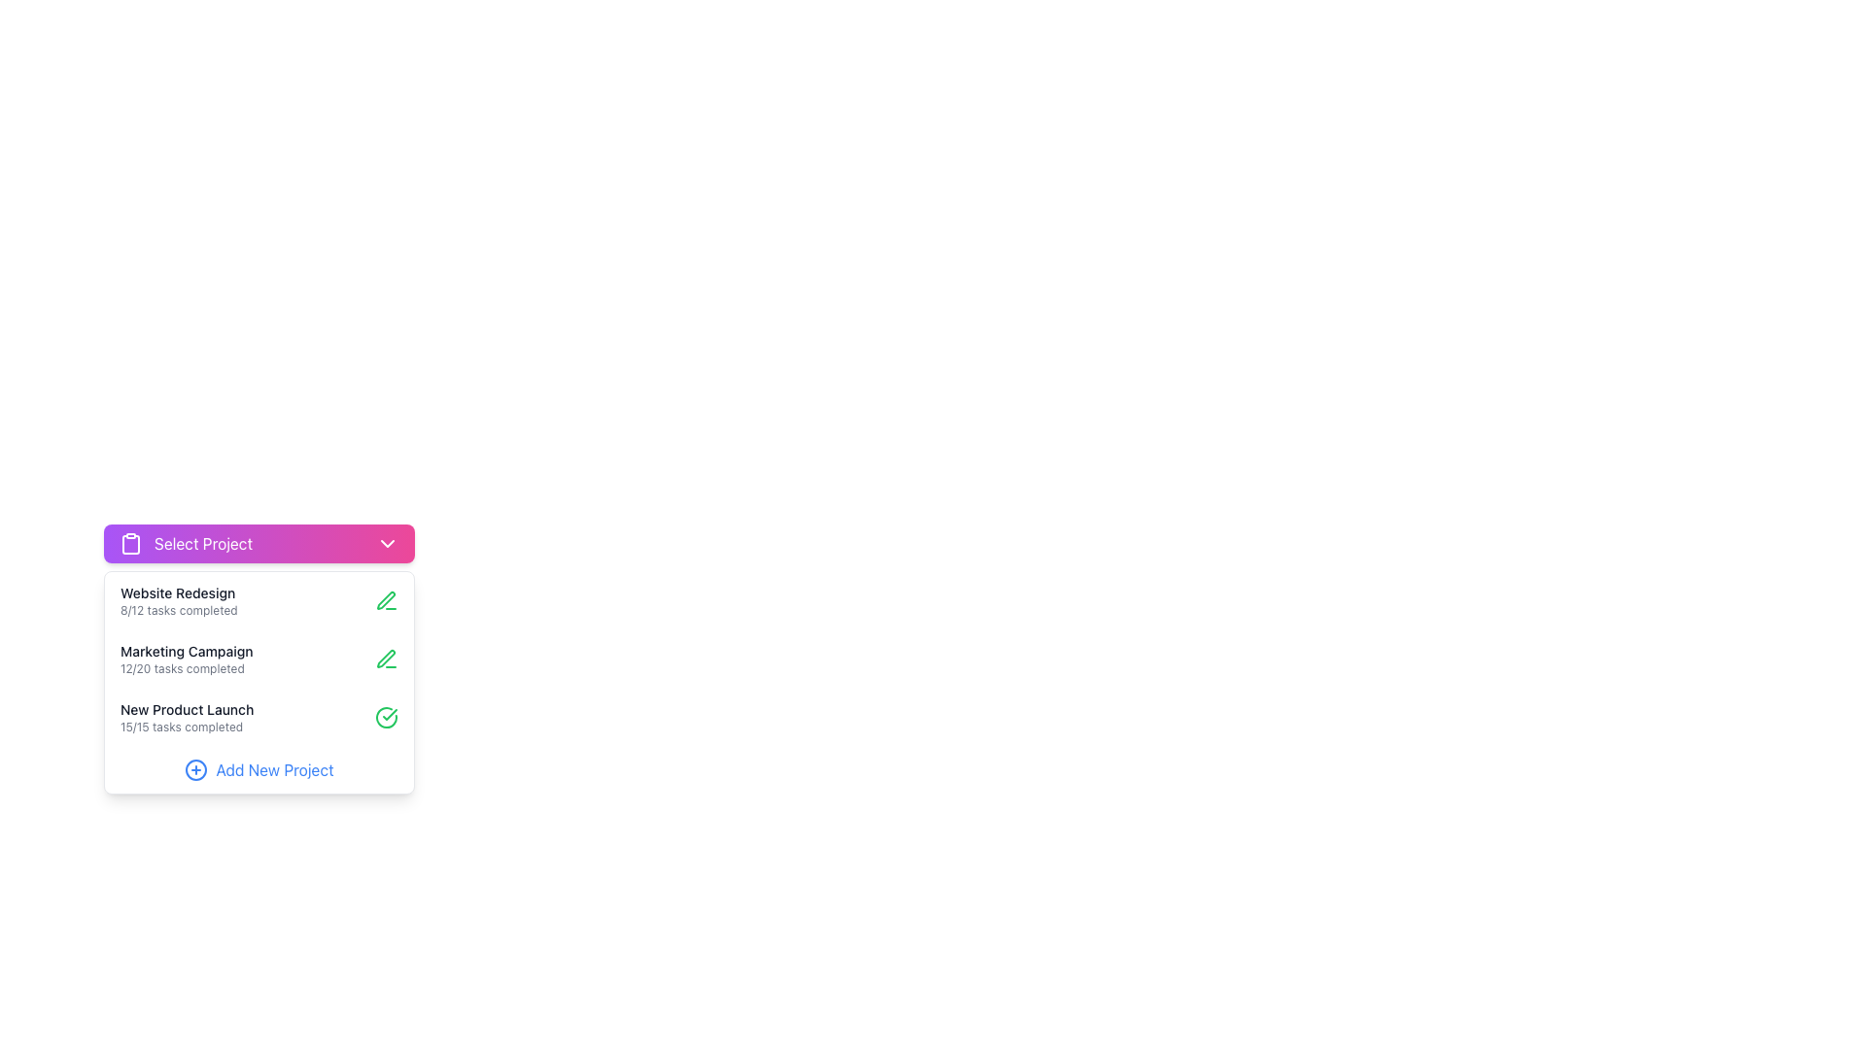 Image resolution: width=1866 pixels, height=1049 pixels. I want to click on the third List Item in the 'Select Project' section, which displays 'New Product Launch' and '15/15 tasks completed', so click(259, 718).